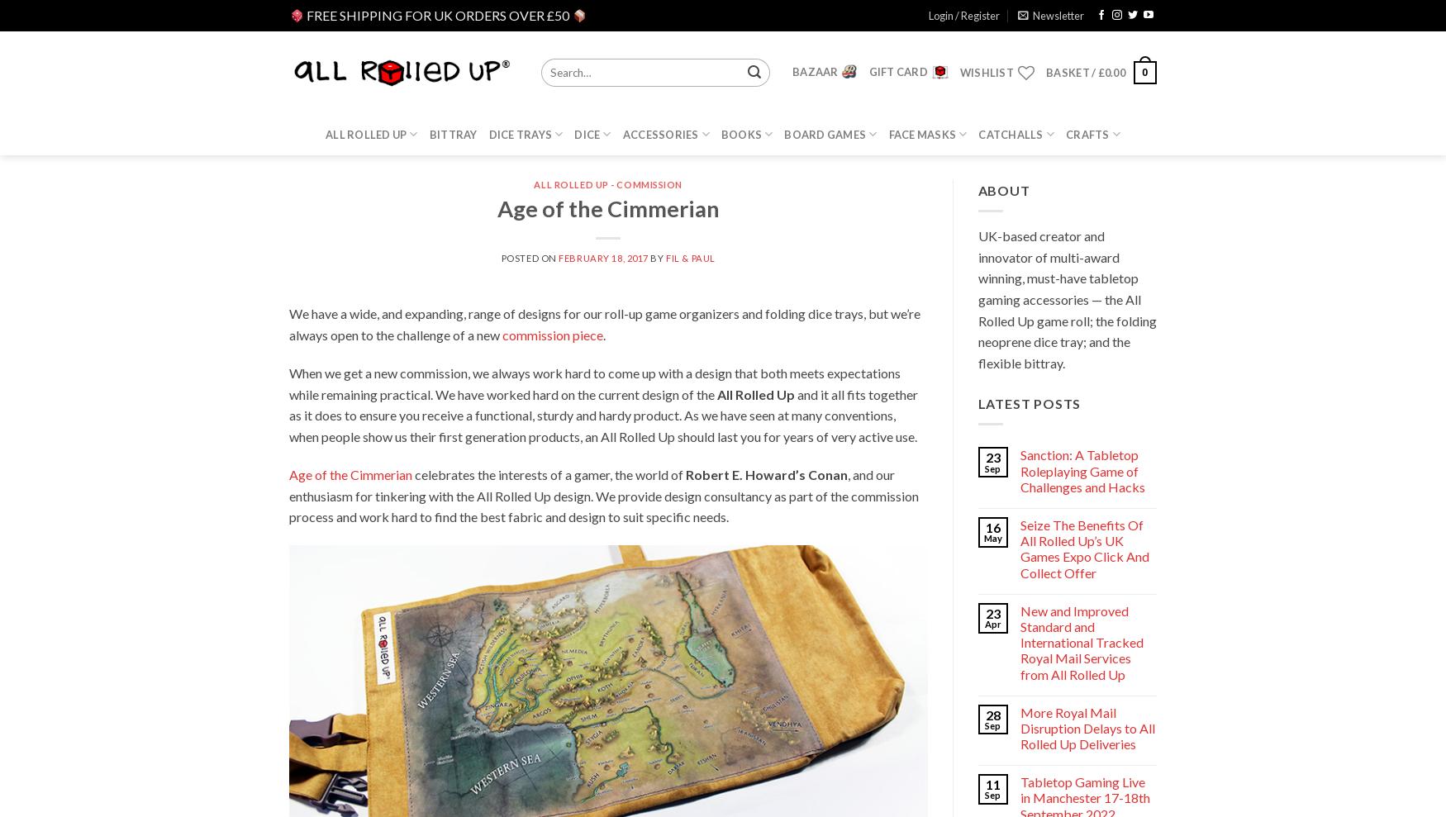  Describe the element at coordinates (983, 538) in the screenshot. I see `'May'` at that location.